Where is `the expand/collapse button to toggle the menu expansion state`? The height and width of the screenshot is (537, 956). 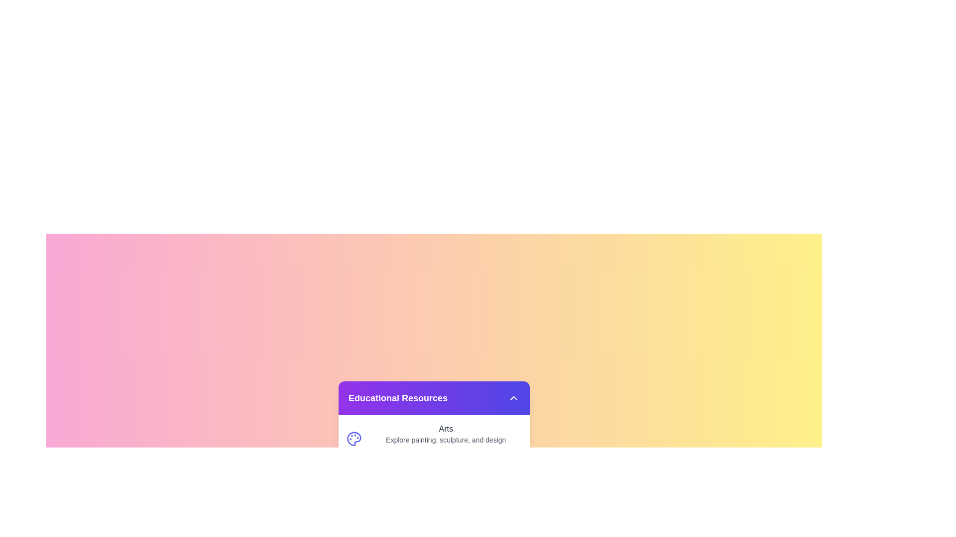 the expand/collapse button to toggle the menu expansion state is located at coordinates (514, 397).